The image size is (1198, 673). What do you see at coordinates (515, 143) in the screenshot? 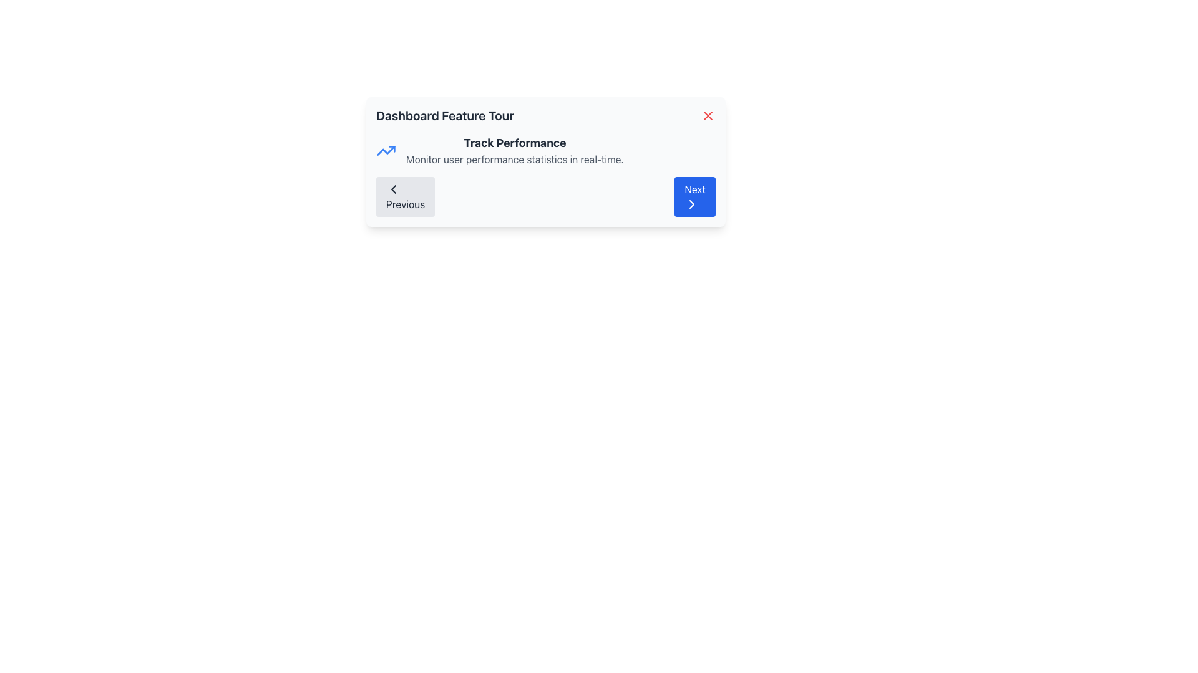
I see `the bold, large text label that reads 'Track Performance' located at the top-center of the card widget, above the smaller text describing user performance statistics` at bounding box center [515, 143].